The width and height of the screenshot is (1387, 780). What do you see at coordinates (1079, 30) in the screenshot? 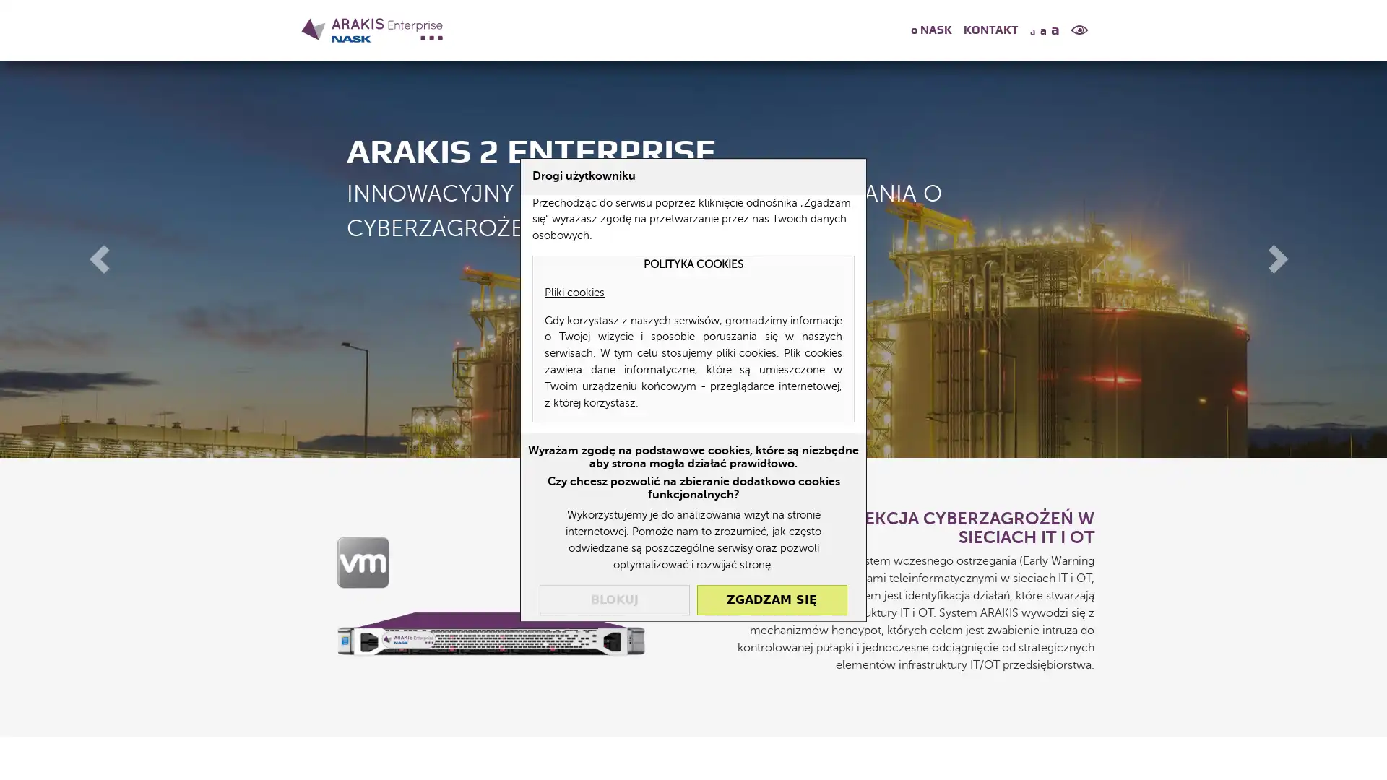
I see `Wersja kontrastowa` at bounding box center [1079, 30].